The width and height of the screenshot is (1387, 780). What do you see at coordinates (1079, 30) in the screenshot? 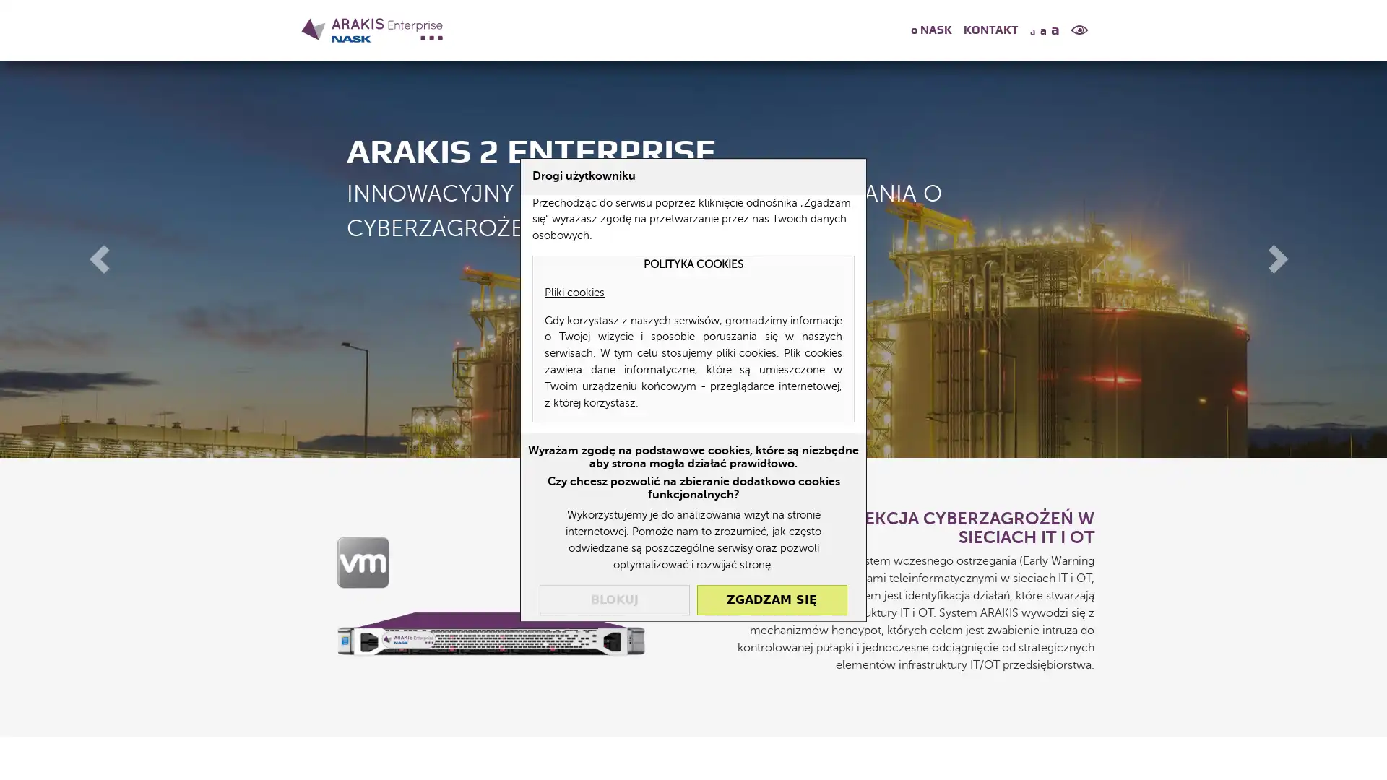
I see `Wersja kontrastowa` at bounding box center [1079, 30].